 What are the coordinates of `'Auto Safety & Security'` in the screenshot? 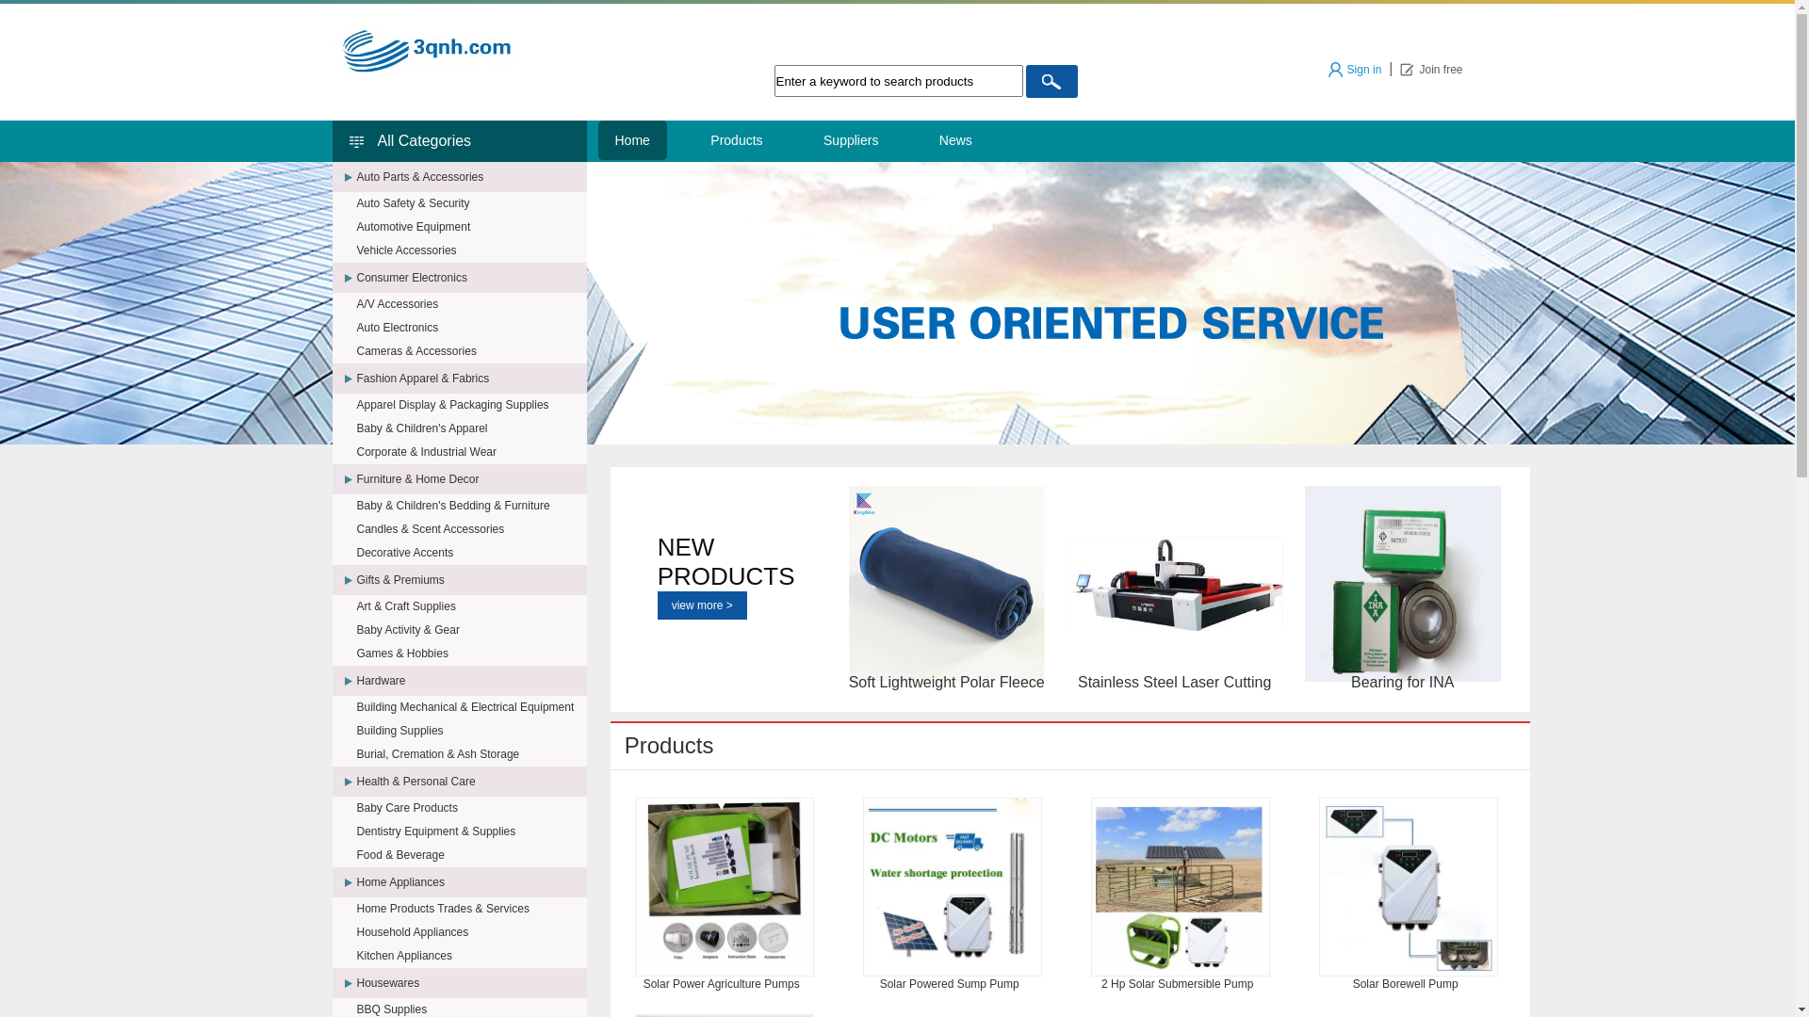 It's located at (470, 203).